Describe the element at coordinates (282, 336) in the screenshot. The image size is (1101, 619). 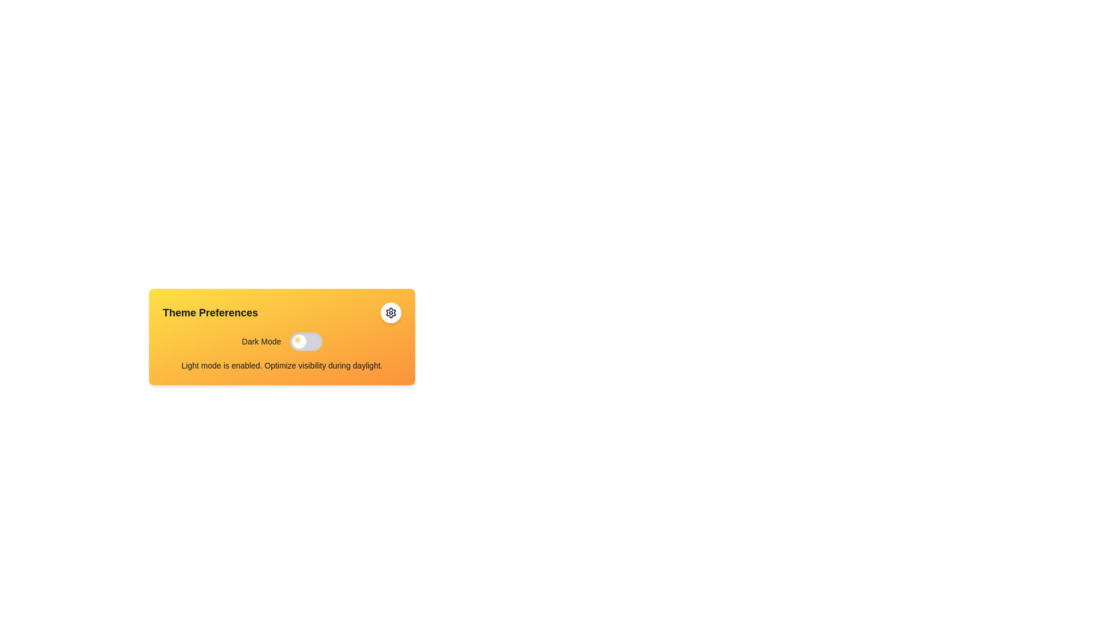
I see `the toggle switch in the Settings card` at that location.